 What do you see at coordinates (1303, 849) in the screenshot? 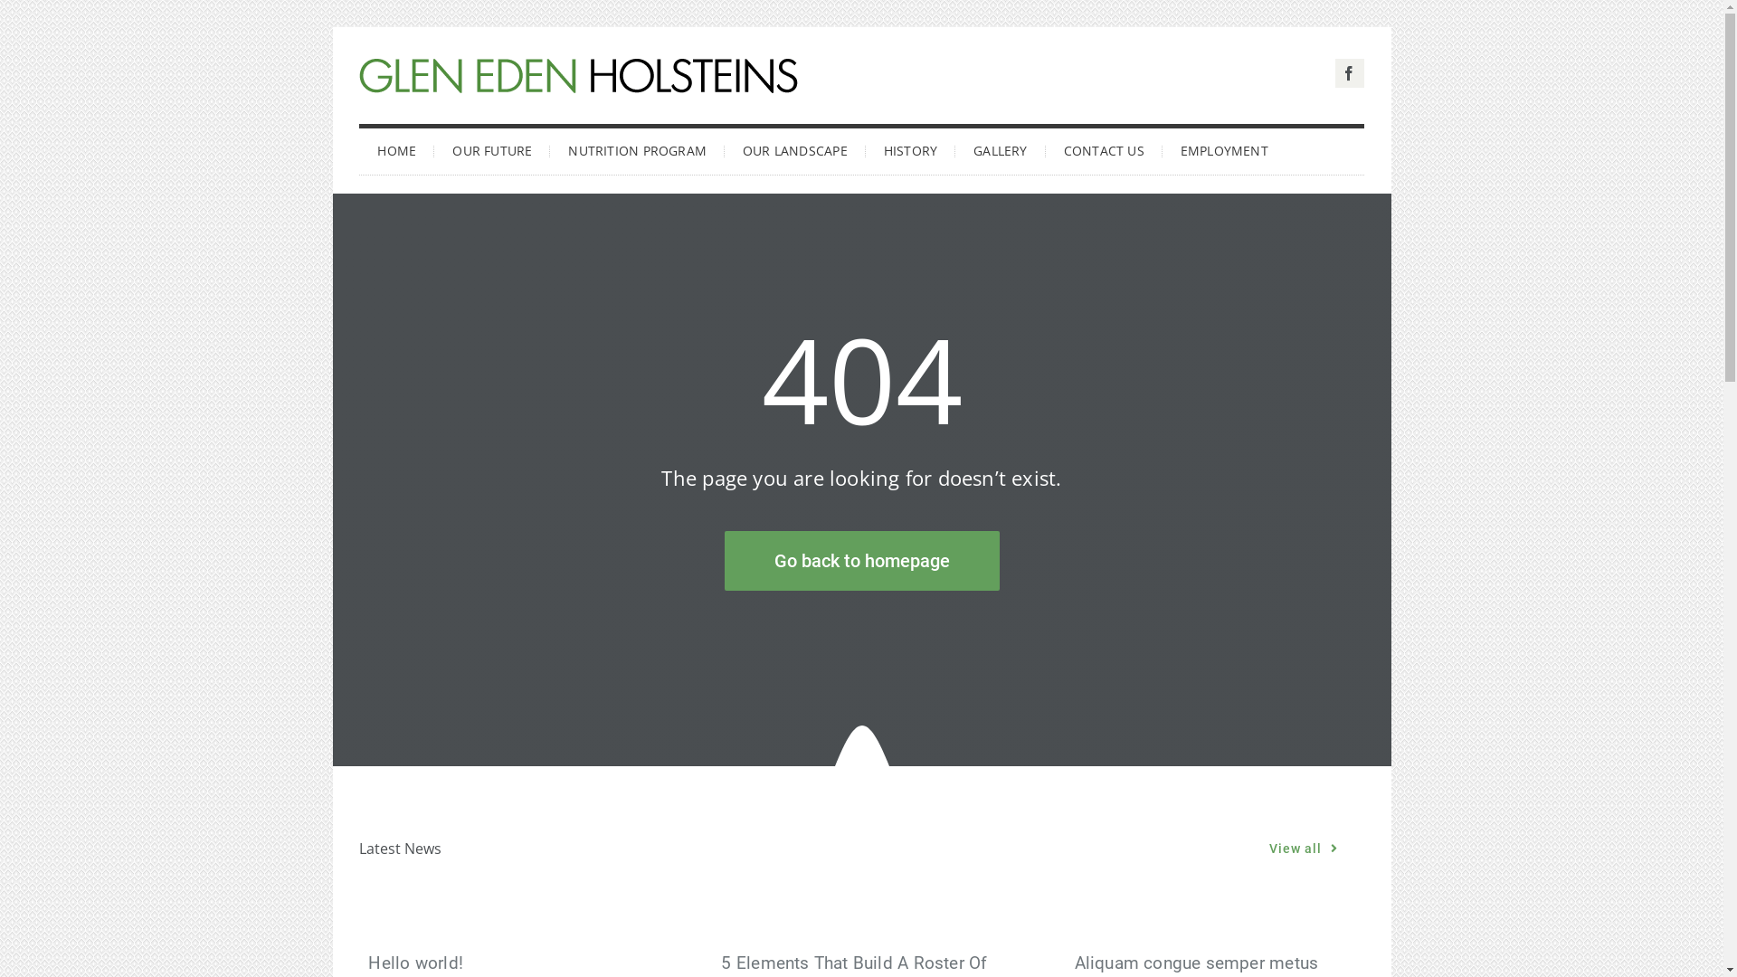
I see `'View all'` at bounding box center [1303, 849].